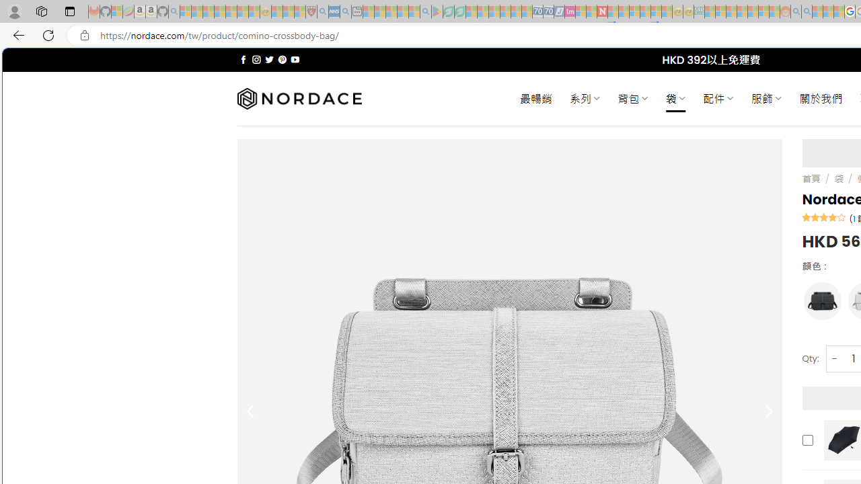 This screenshot has height=484, width=861. I want to click on 'DITOGAMES AG Imprint - Sleeping', so click(699, 11).